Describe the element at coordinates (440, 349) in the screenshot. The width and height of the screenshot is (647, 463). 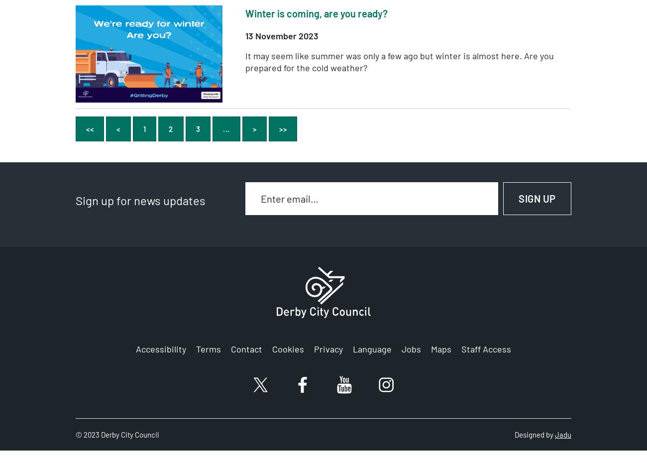
I see `'Maps'` at that location.